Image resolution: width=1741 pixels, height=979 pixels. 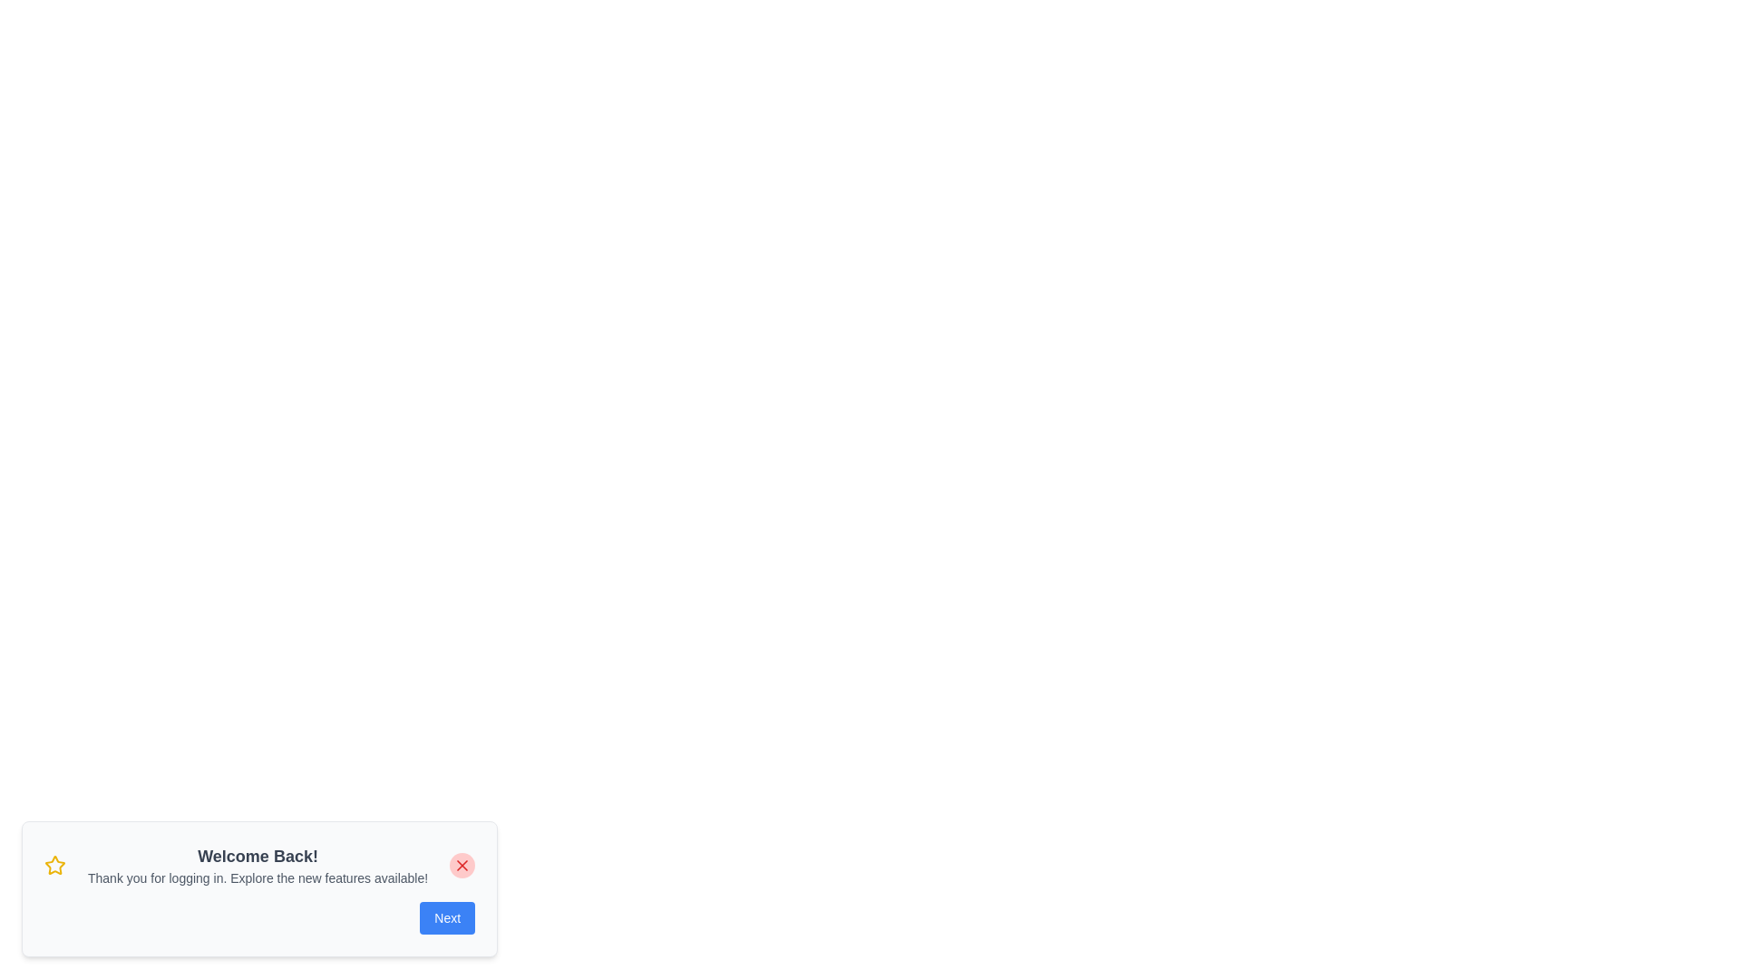 What do you see at coordinates (55, 865) in the screenshot?
I see `the notification's star icon` at bounding box center [55, 865].